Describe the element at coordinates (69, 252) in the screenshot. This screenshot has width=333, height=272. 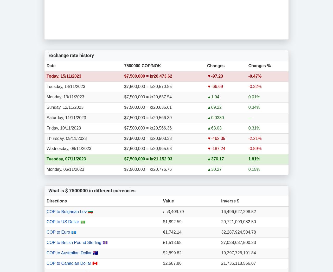
I see `'COP to Australian Dollar'` at that location.